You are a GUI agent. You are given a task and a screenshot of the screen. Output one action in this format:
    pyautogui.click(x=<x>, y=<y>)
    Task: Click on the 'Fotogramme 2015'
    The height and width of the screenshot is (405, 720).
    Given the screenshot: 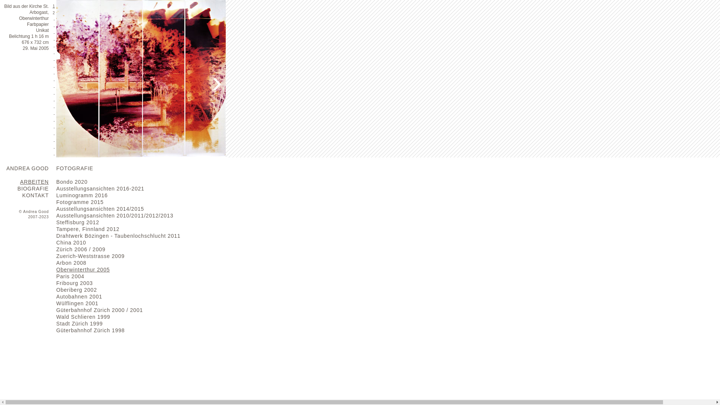 What is the action you would take?
    pyautogui.click(x=79, y=202)
    